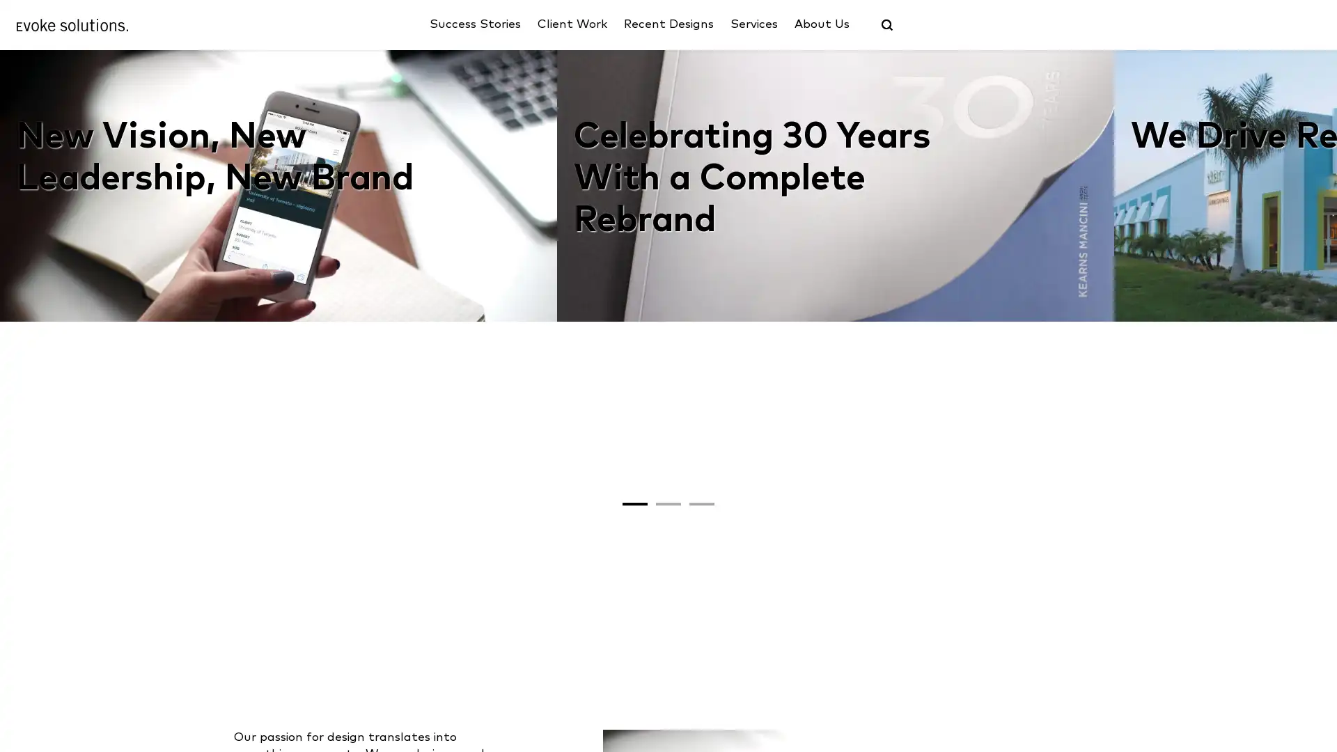 This screenshot has height=752, width=1337. What do you see at coordinates (668, 684) in the screenshot?
I see `2` at bounding box center [668, 684].